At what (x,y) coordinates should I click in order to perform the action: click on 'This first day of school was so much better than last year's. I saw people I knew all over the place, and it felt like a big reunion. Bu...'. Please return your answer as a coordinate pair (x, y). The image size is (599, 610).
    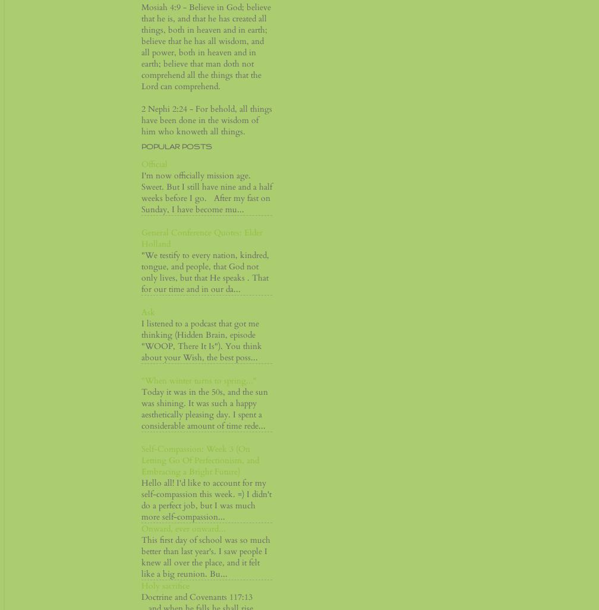
    Looking at the image, I should click on (141, 557).